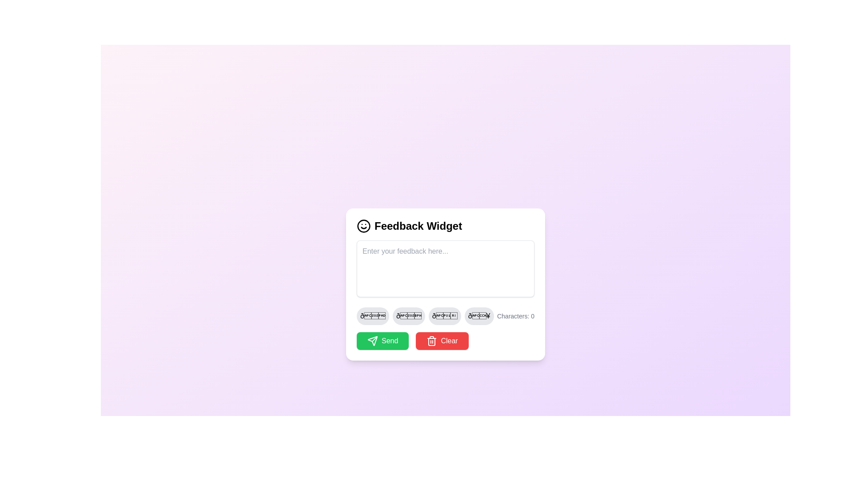 The height and width of the screenshot is (479, 853). Describe the element at coordinates (478, 315) in the screenshot. I see `the circular button with a light-gray background and a fire emoji at the bottom center of the feedback widget interface` at that location.